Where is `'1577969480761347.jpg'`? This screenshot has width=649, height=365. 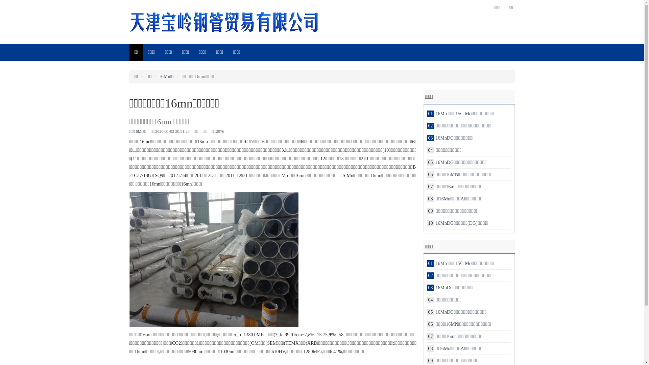
'1577969480761347.jpg' is located at coordinates (213, 259).